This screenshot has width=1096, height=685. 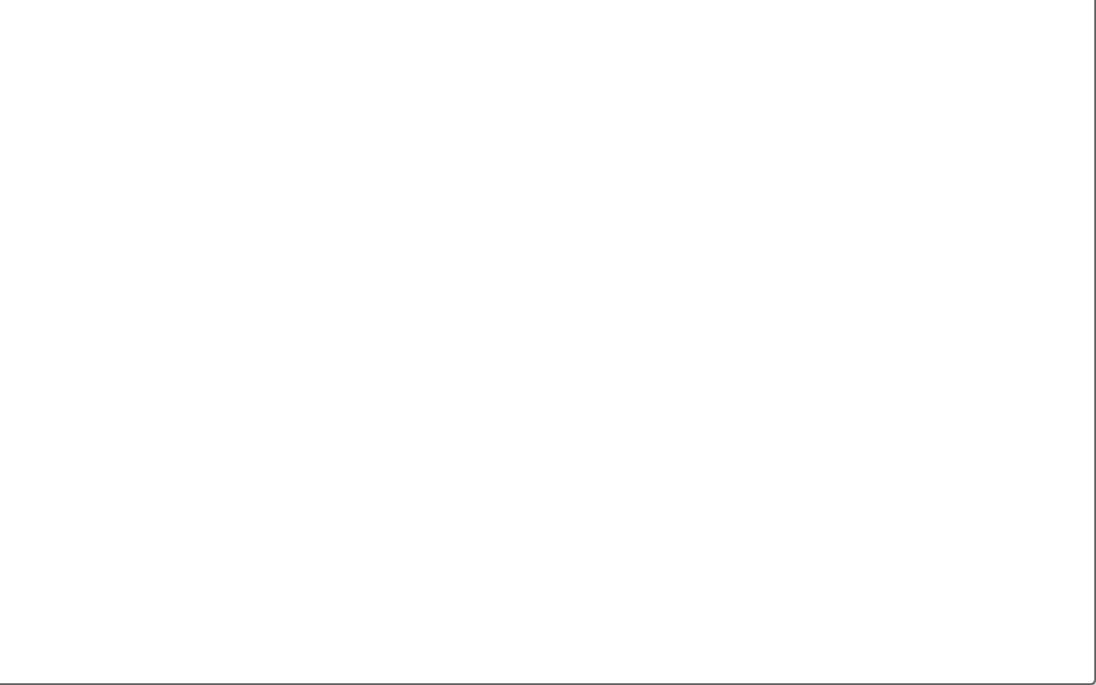 I want to click on 'groundwater', so click(x=169, y=126).